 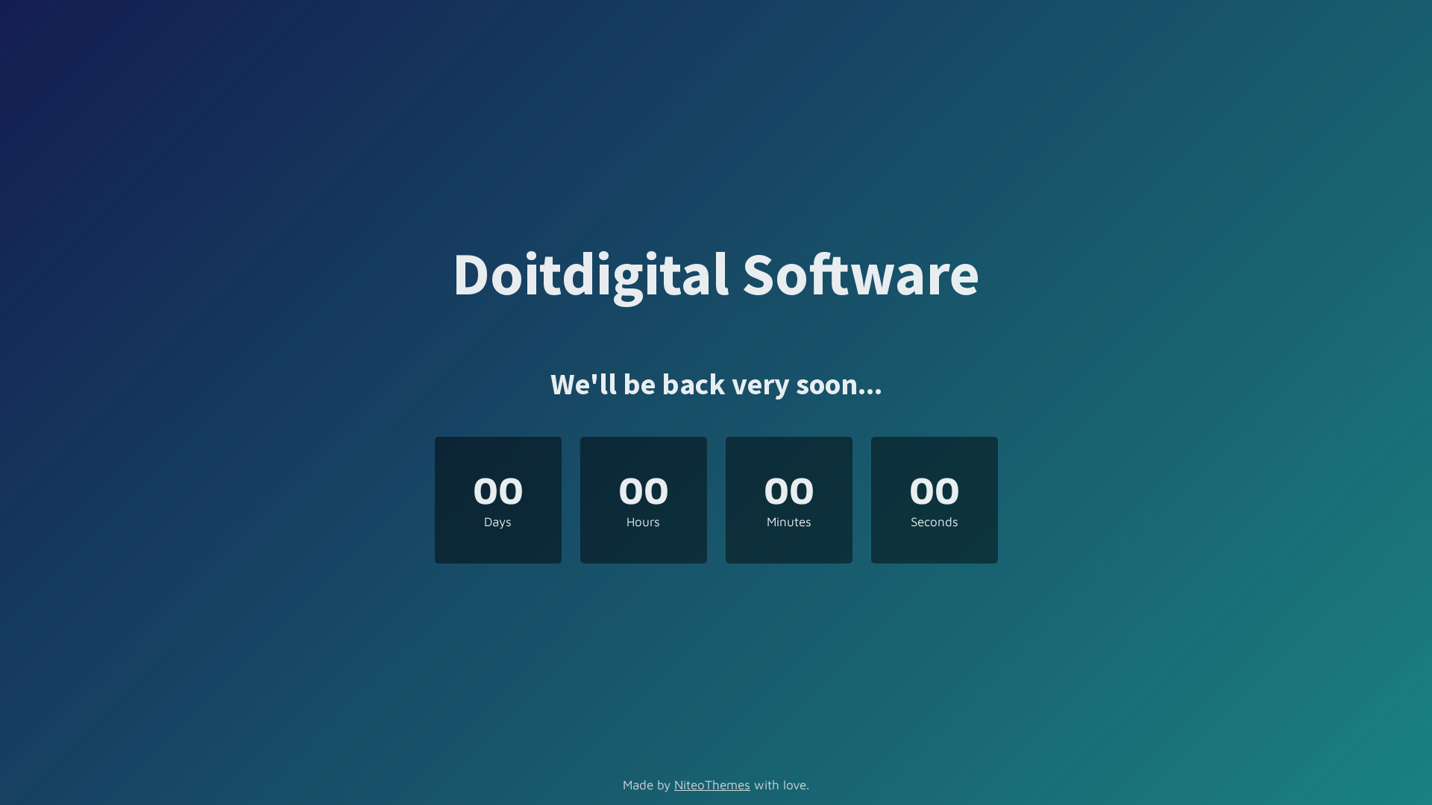 I want to click on 'NiteoThemes', so click(x=712, y=784).